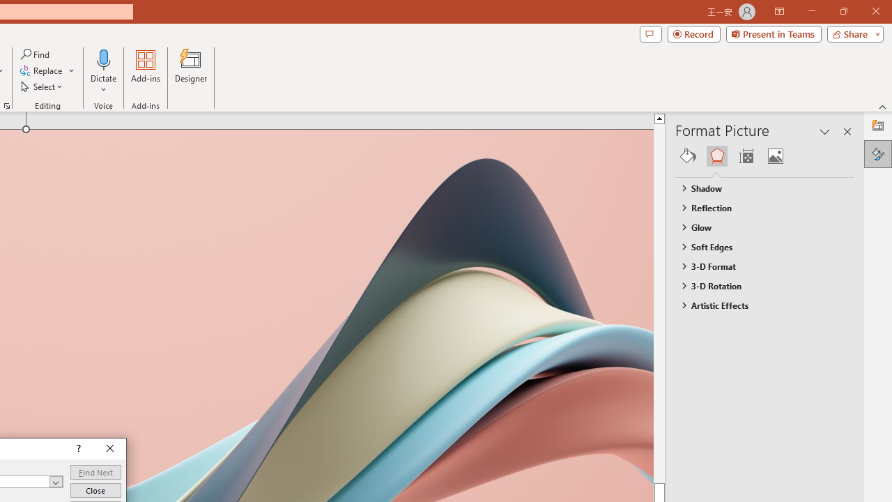 Image resolution: width=892 pixels, height=502 pixels. What do you see at coordinates (649, 33) in the screenshot?
I see `'Comments'` at bounding box center [649, 33].